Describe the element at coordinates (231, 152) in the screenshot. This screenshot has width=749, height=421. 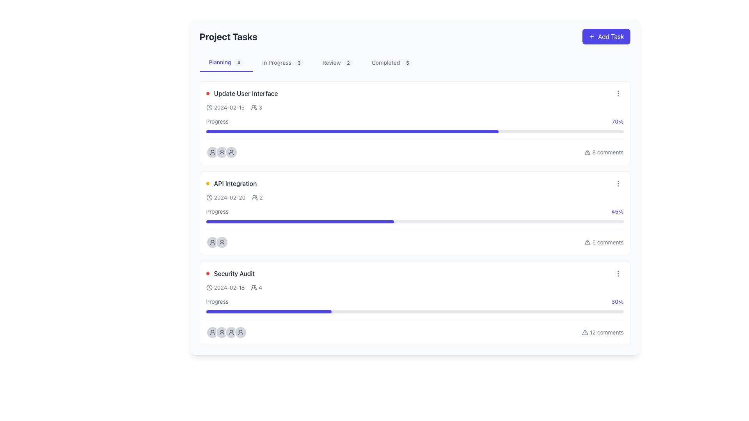
I see `the third avatar icon in the 'Update User Interface' task row` at that location.